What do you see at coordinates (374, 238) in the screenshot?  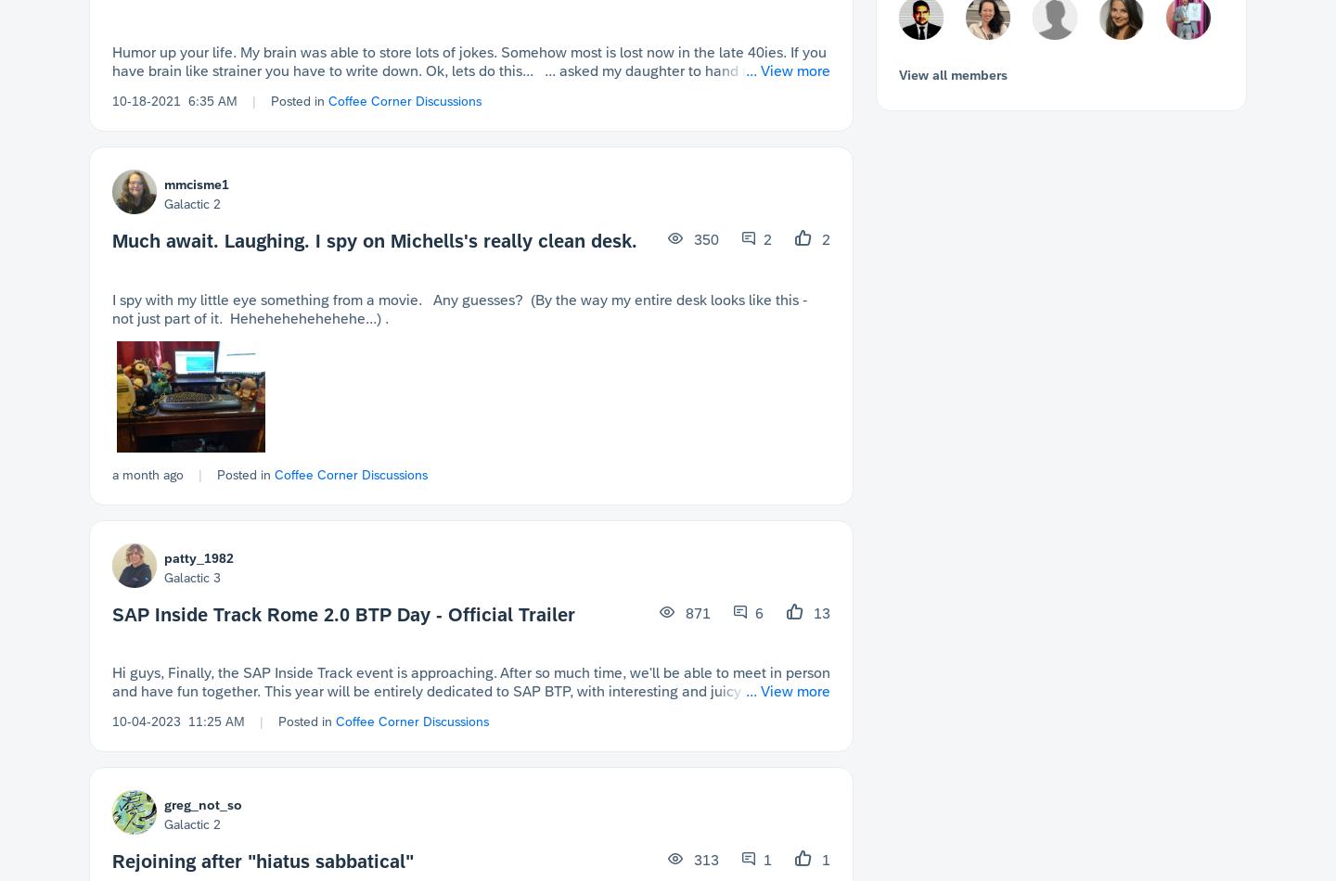 I see `'Much await.  Laughing.   I spy on Michells's really clean desk.'` at bounding box center [374, 238].